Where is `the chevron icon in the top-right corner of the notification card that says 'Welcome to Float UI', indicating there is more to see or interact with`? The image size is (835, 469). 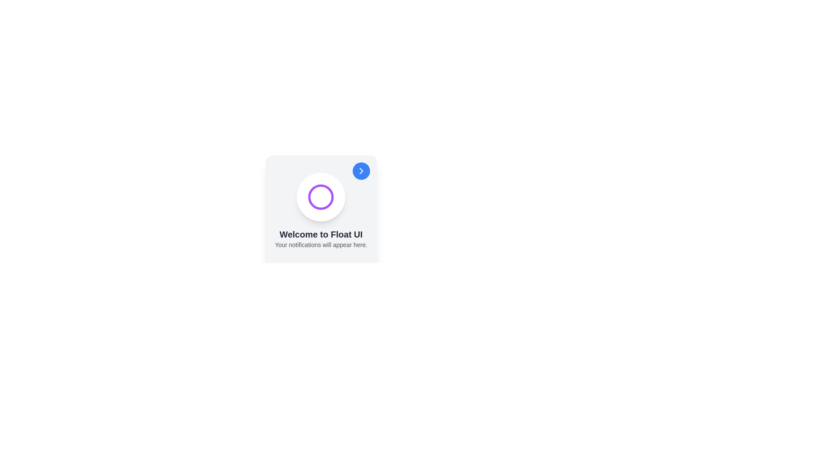 the chevron icon in the top-right corner of the notification card that says 'Welcome to Float UI', indicating there is more to see or interact with is located at coordinates (361, 171).